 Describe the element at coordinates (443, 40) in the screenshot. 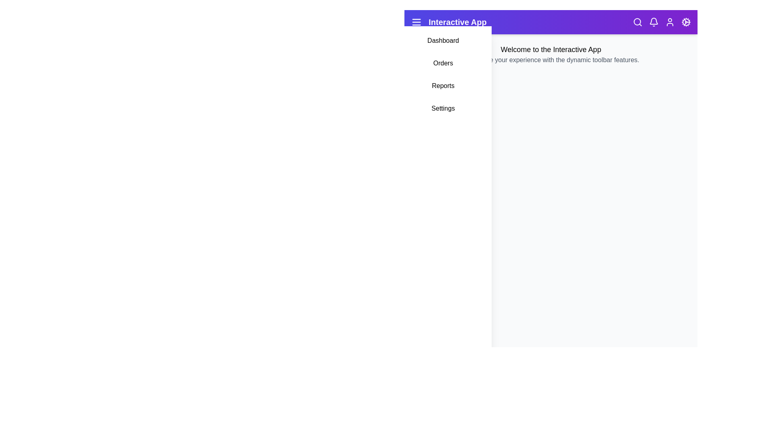

I see `the sidebar menu item labeled Dashboard` at that location.